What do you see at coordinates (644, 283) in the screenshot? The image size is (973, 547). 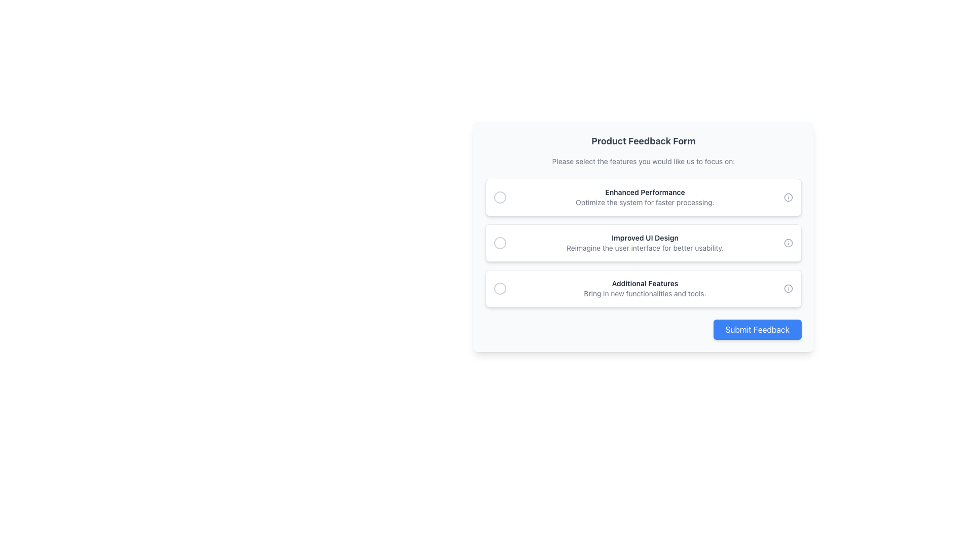 I see `the 'Additional Features' text label, which is styled in bold, dark gray and serves as a heading for a section in a vertically aligned list of options` at bounding box center [644, 283].